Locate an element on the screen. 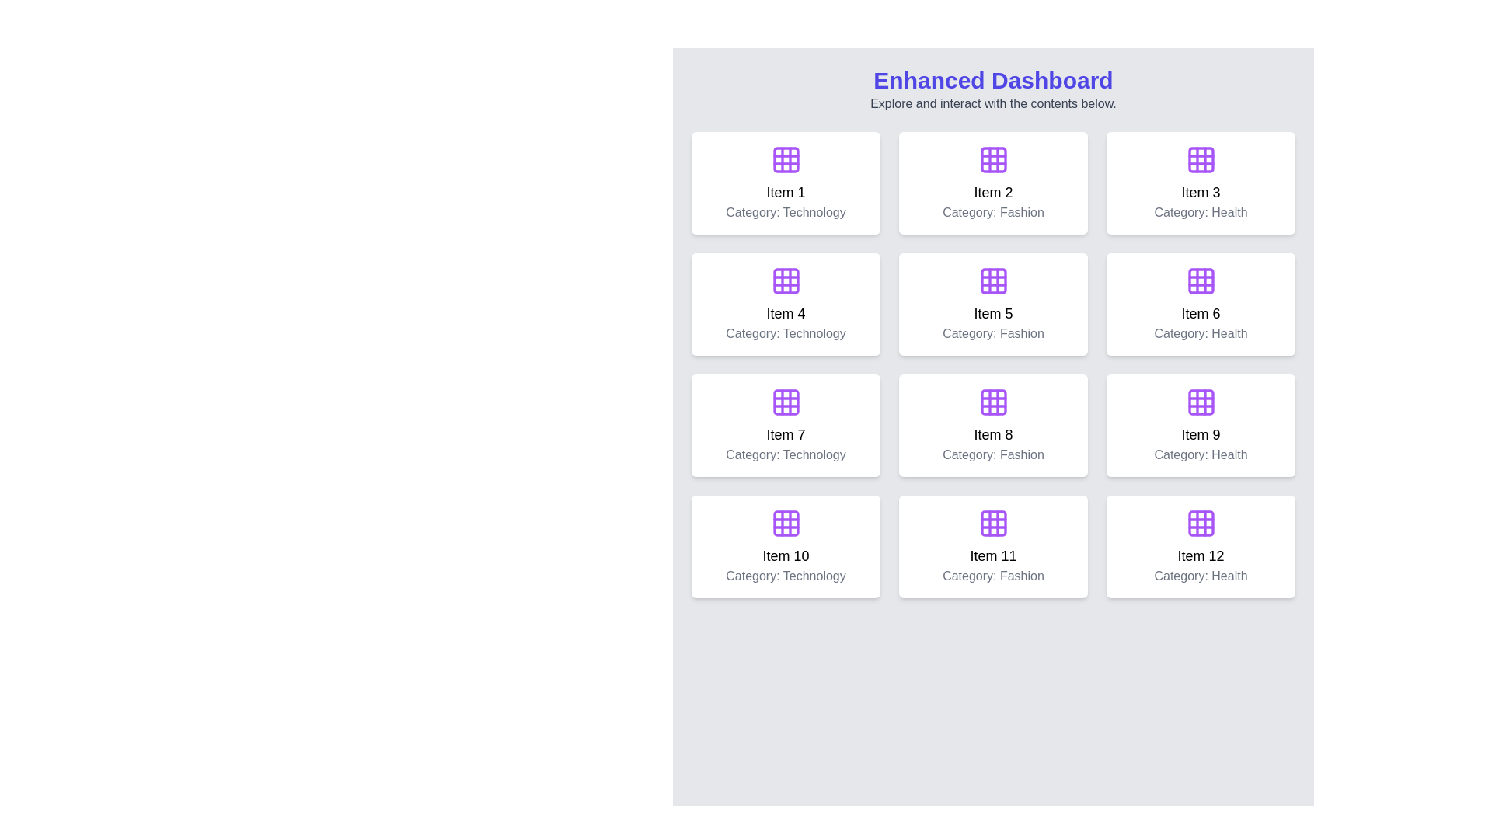 The width and height of the screenshot is (1492, 839). the central purple grid icon that resembles a 3x3 matrix, located above the text 'Item 3' and 'Category: Health' in the third card of the top row is located at coordinates (1200, 159).